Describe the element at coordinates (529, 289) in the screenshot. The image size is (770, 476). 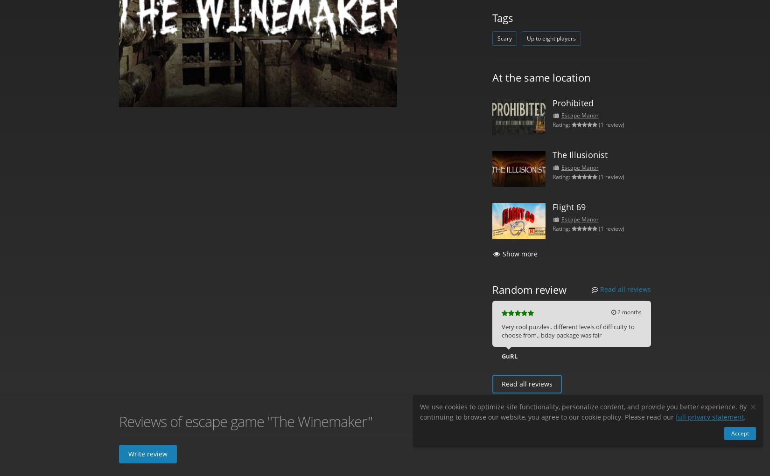
I see `'Random review'` at that location.